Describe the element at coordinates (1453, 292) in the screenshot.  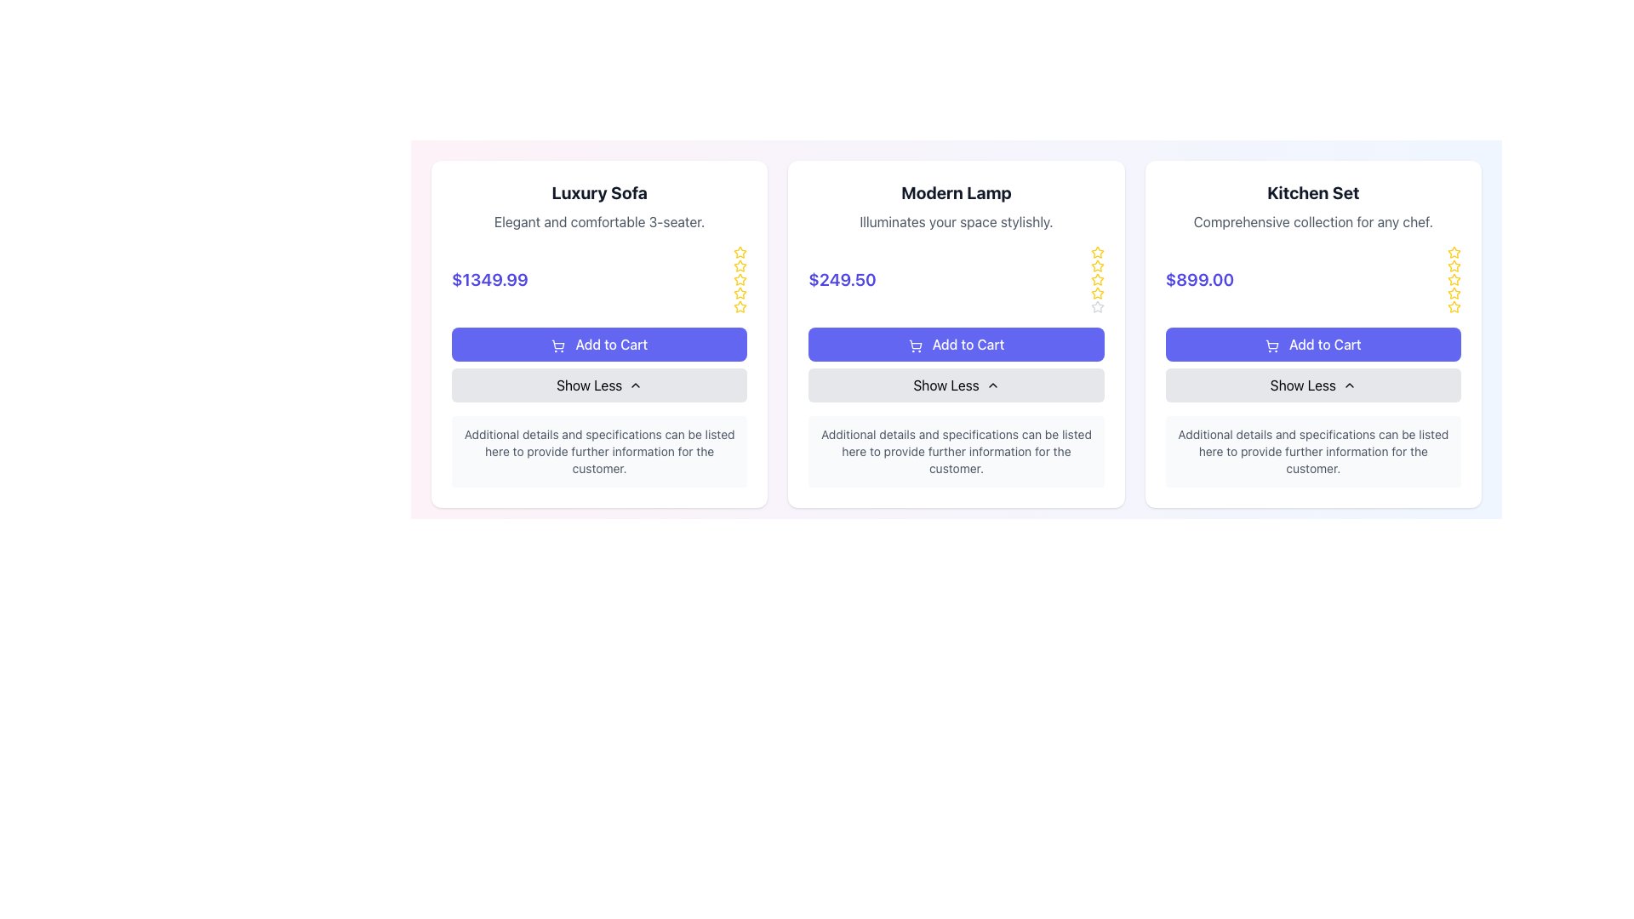
I see `the second star icon in the rating group for the 'Kitchen Set' product, which is aligned to the right side of the card in the item grid` at that location.